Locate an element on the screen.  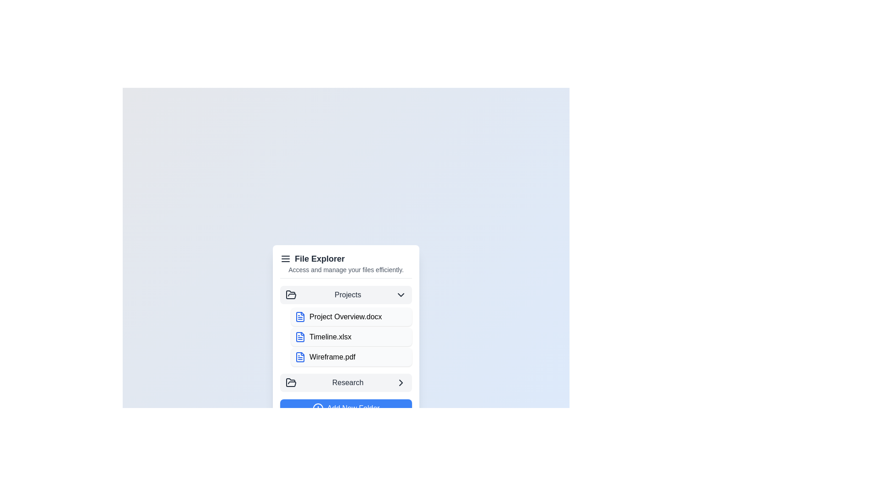
the file item Timeline.xlsx is located at coordinates (351, 337).